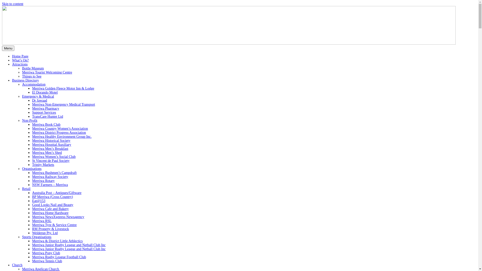  I want to click on 'Merriwa Tennis Club', so click(47, 261).